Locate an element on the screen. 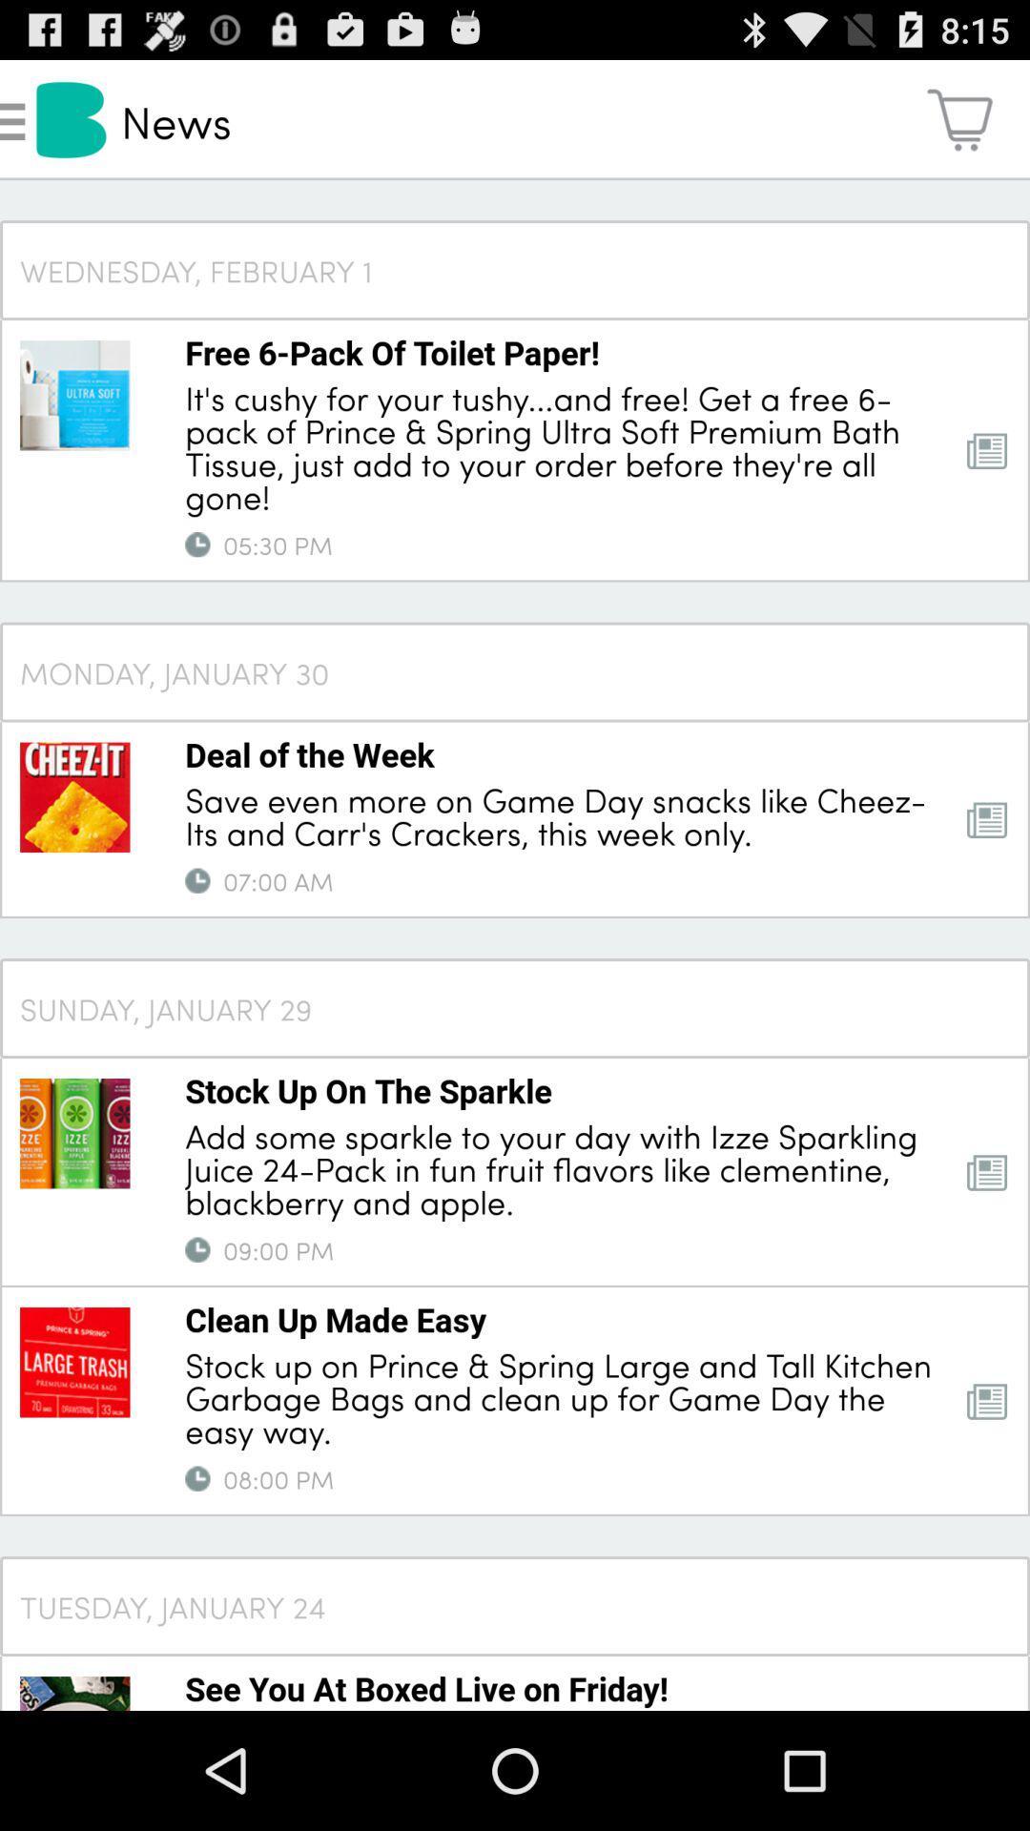  the icon below the monday, january 30 item is located at coordinates (309, 753).